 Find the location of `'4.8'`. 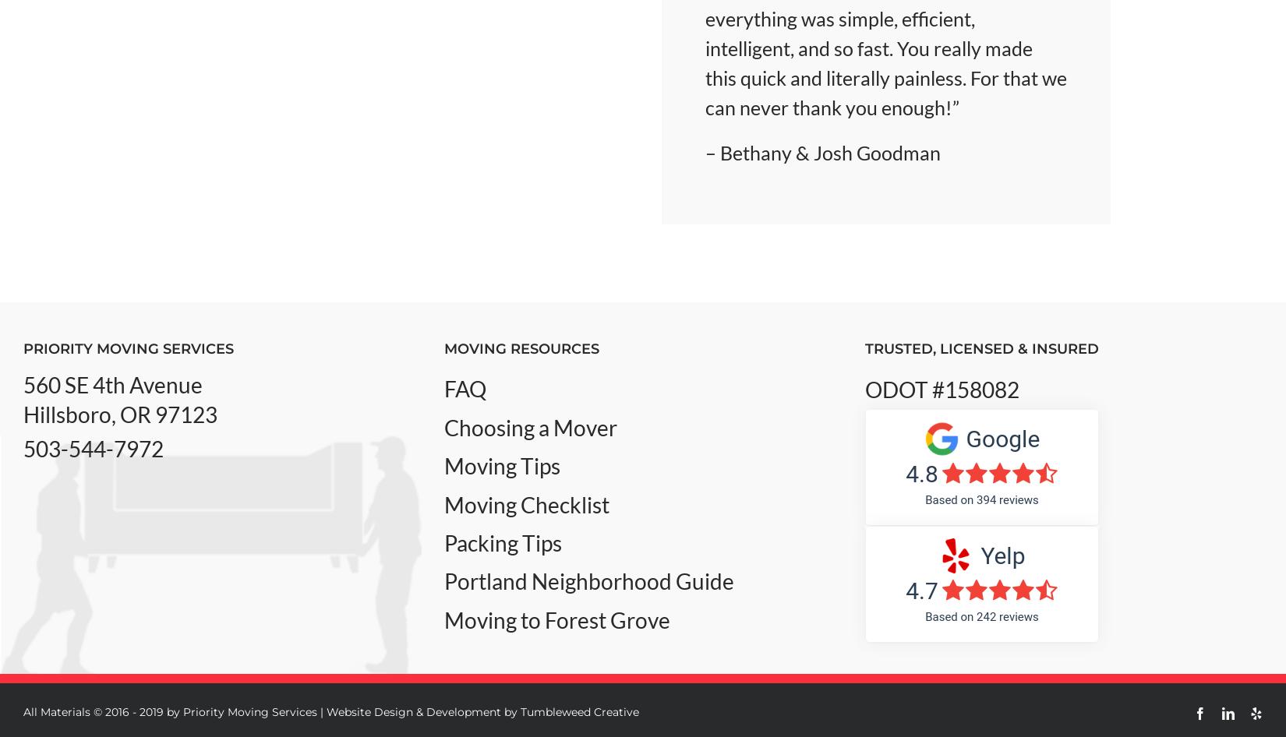

'4.8' is located at coordinates (921, 473).